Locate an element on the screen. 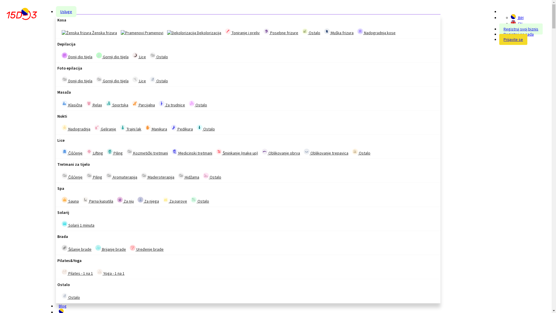 This screenshot has height=313, width=556. 'Za njega' is located at coordinates (136, 200).